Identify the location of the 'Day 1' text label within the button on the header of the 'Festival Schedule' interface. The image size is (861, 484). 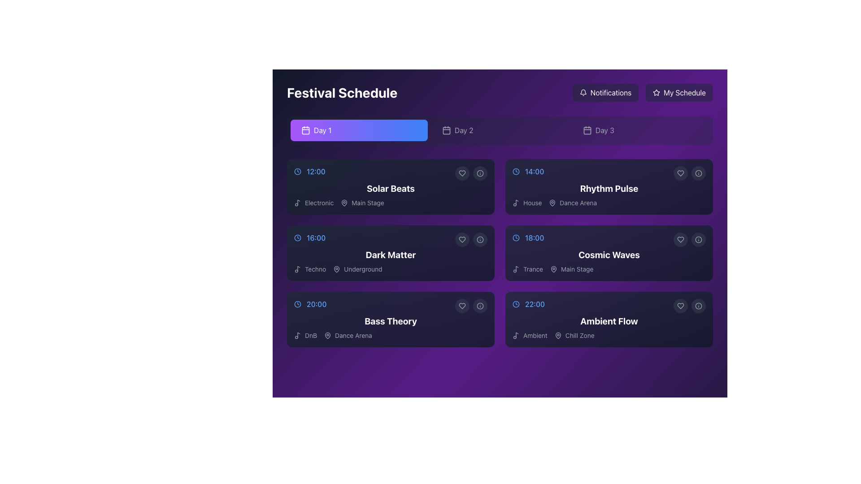
(322, 130).